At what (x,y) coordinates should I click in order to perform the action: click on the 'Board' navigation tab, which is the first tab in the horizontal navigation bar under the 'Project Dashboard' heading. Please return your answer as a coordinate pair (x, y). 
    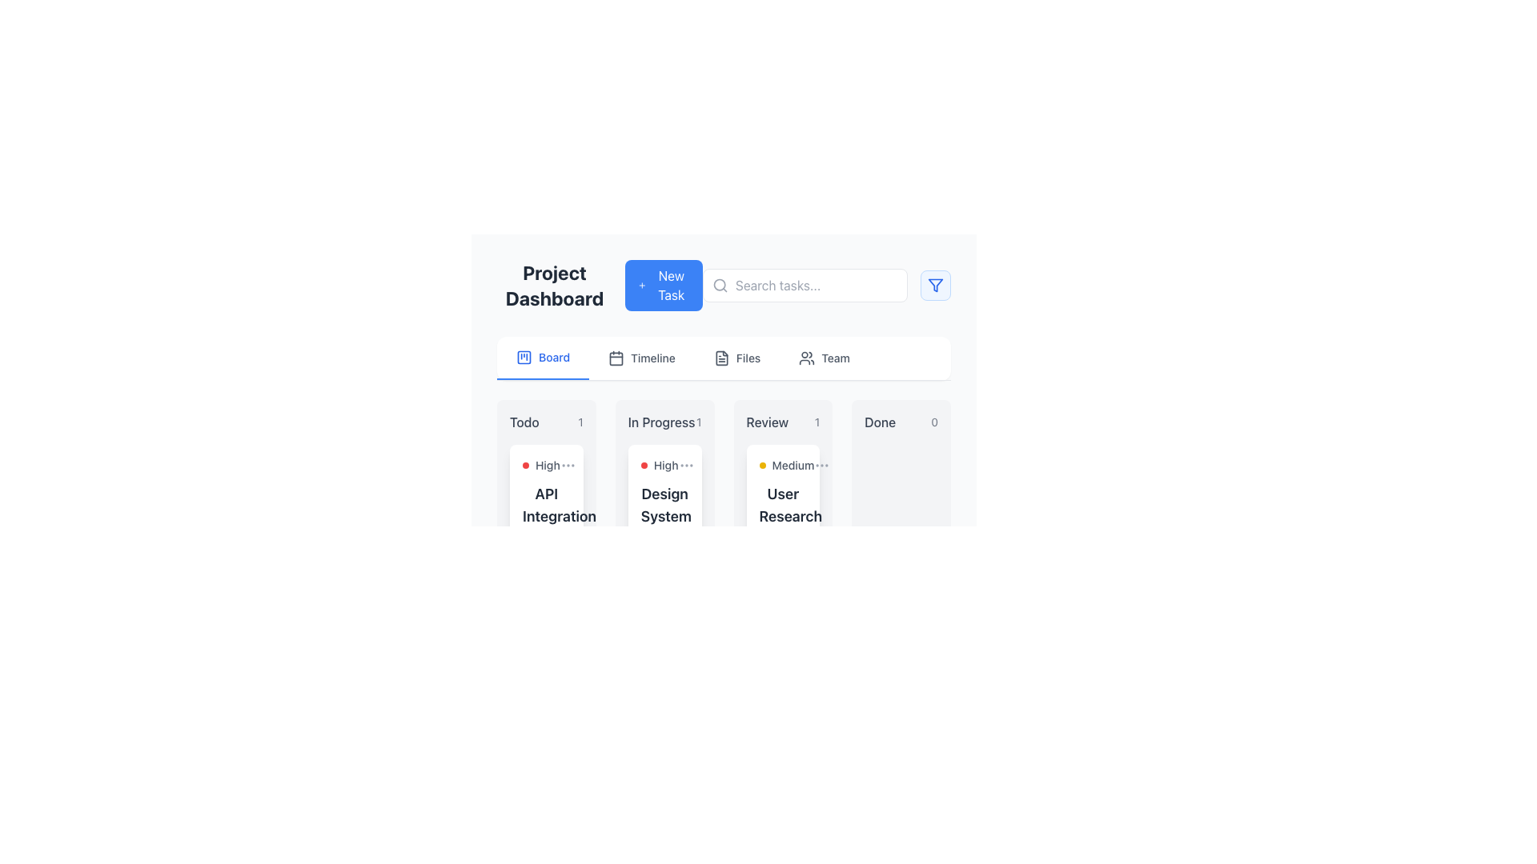
    Looking at the image, I should click on (543, 357).